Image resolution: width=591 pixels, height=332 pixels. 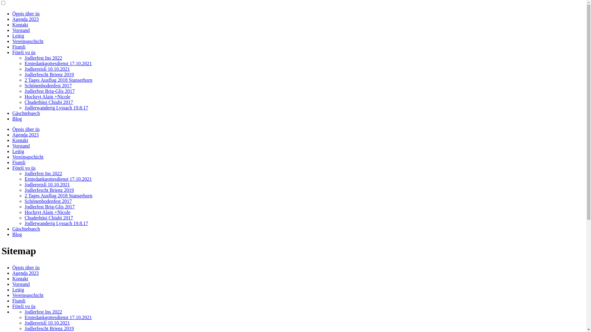 What do you see at coordinates (21, 30) in the screenshot?
I see `'Vorstand'` at bounding box center [21, 30].